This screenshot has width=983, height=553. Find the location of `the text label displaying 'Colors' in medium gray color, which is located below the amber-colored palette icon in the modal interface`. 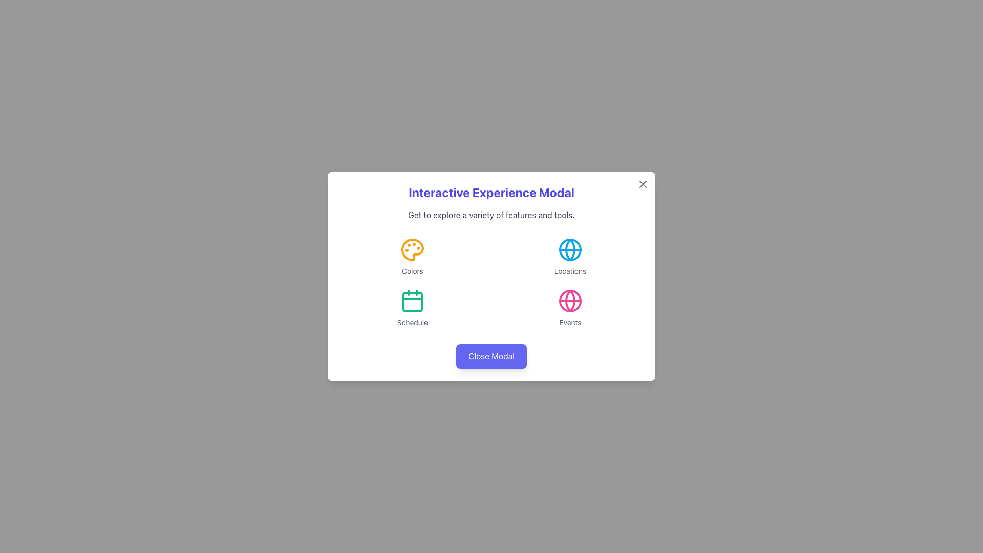

the text label displaying 'Colors' in medium gray color, which is located below the amber-colored palette icon in the modal interface is located at coordinates (413, 270).